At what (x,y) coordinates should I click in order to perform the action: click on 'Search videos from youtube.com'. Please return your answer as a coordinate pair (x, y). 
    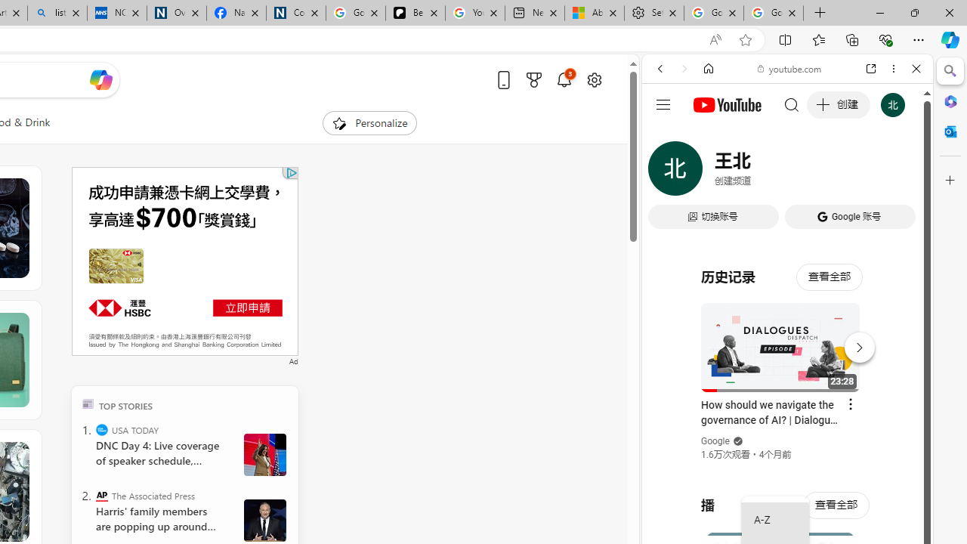
    Looking at the image, I should click on (760, 497).